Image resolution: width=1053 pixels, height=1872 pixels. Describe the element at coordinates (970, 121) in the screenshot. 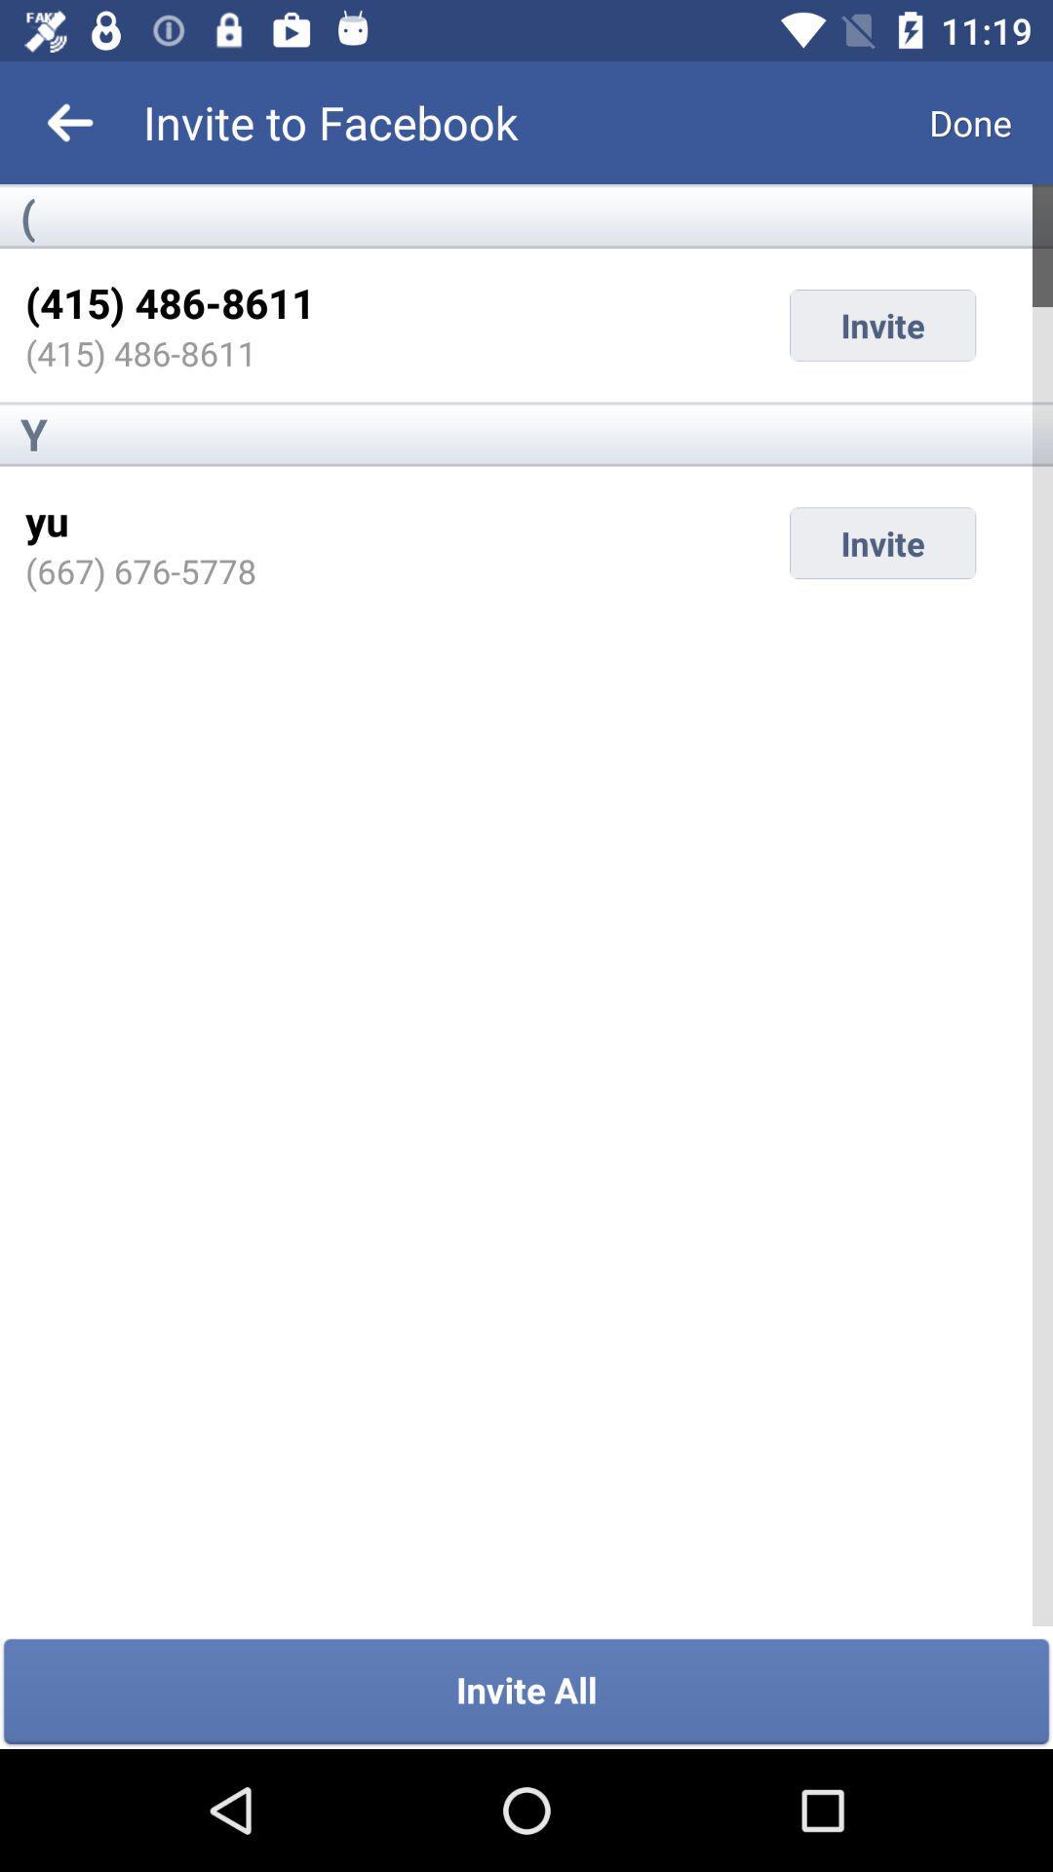

I see `the item to the right of the invite to facebook icon` at that location.